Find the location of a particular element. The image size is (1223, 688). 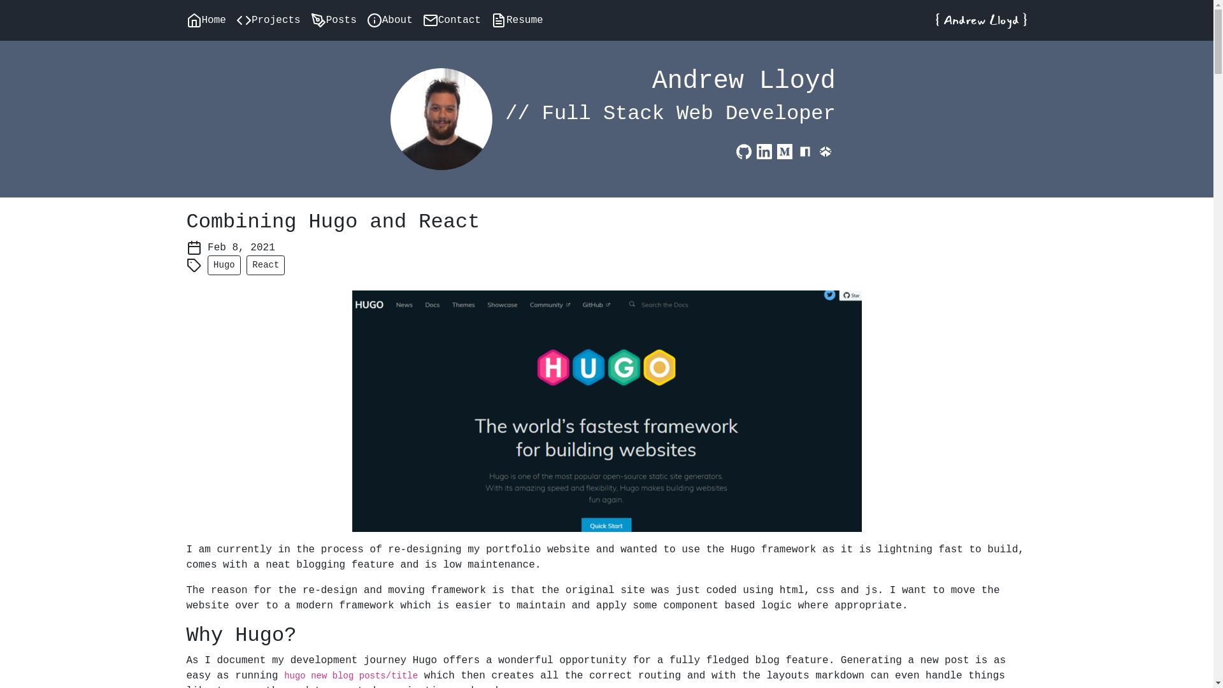

'Projects' is located at coordinates (236, 20).